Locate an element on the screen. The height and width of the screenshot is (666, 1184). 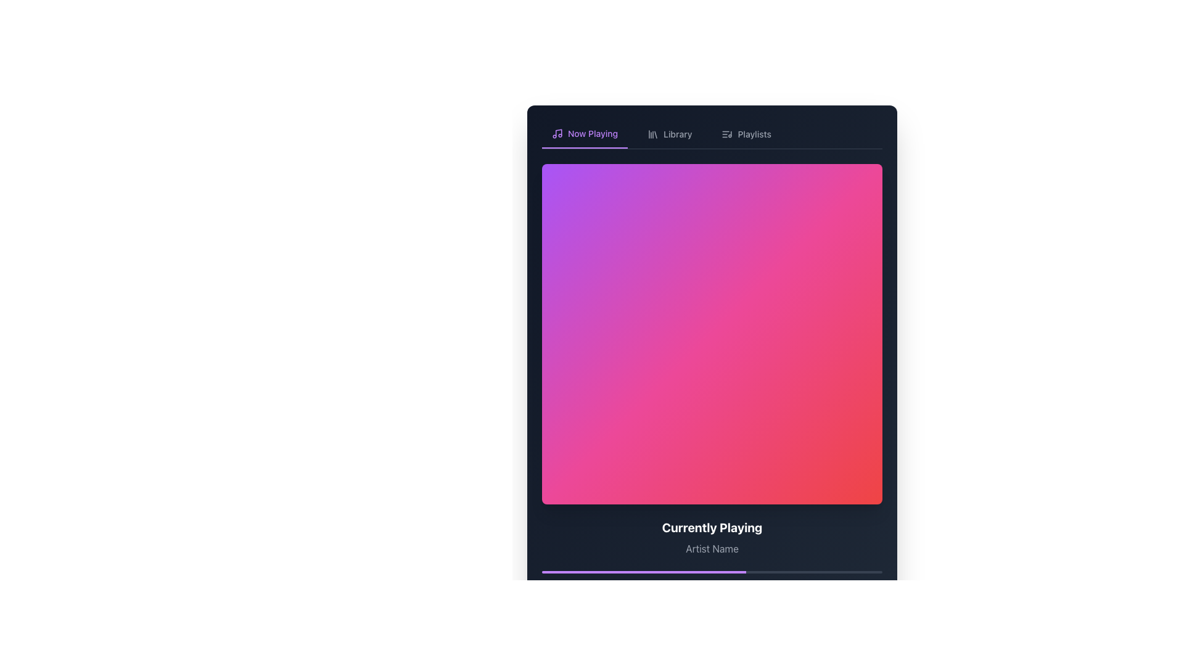
the 'Library' button in the navigation bar is located at coordinates (669, 134).